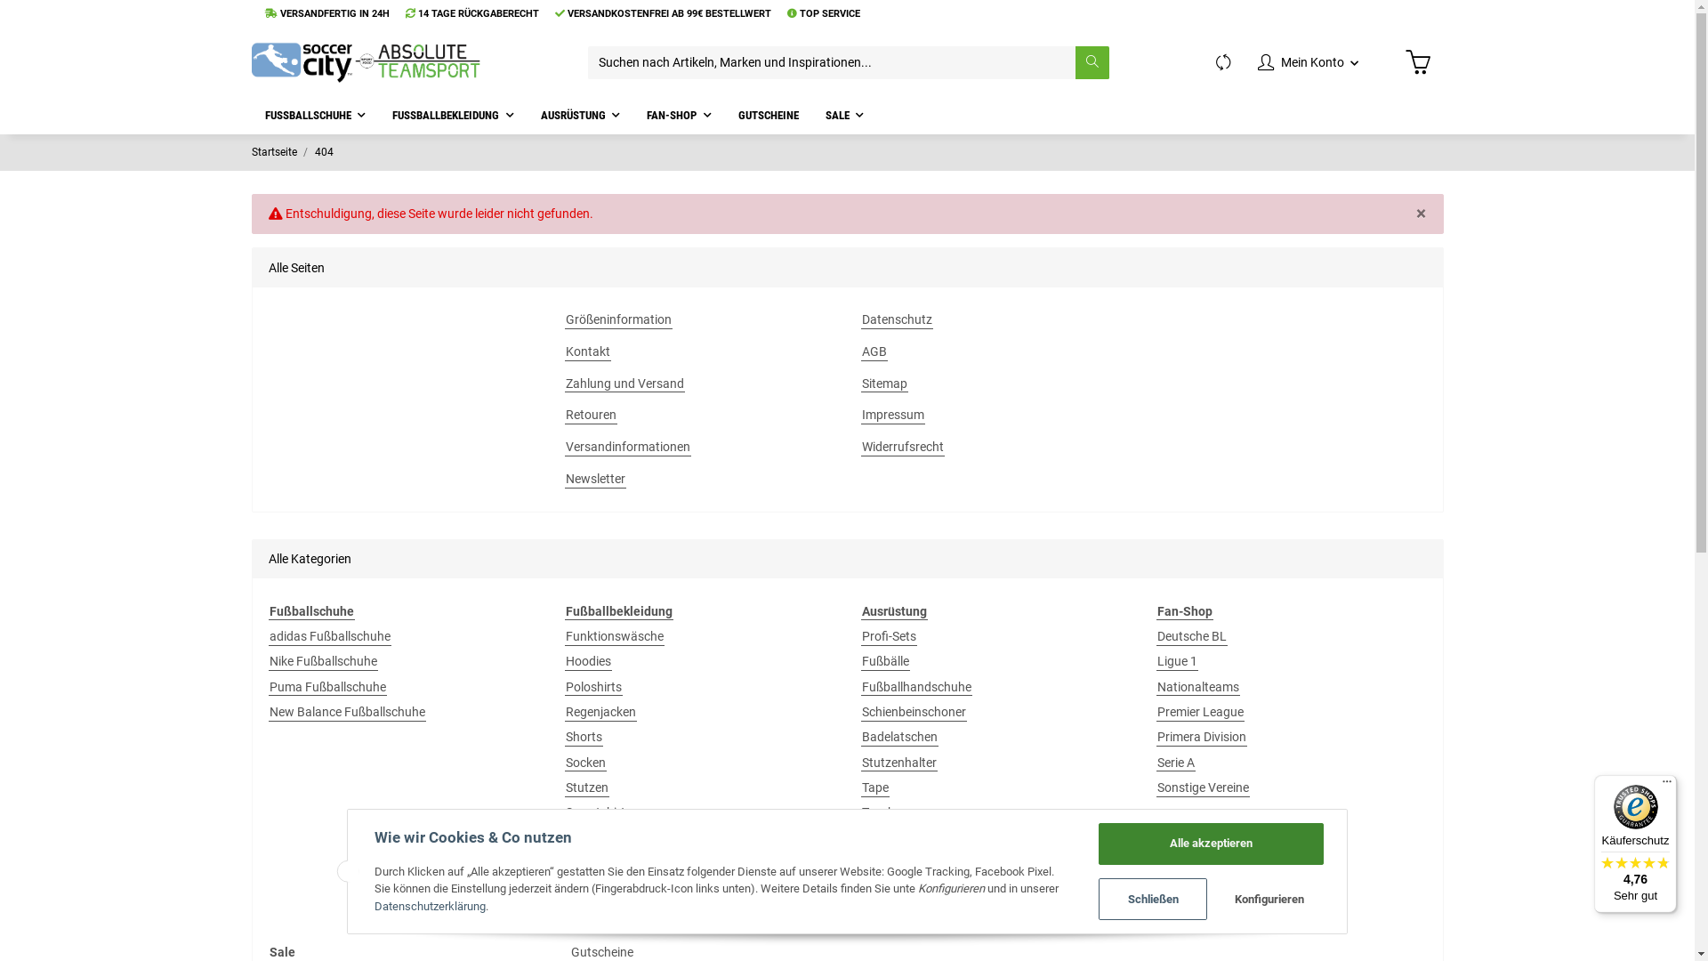 The image size is (1708, 961). Describe the element at coordinates (1200, 711) in the screenshot. I see `'Premier League'` at that location.